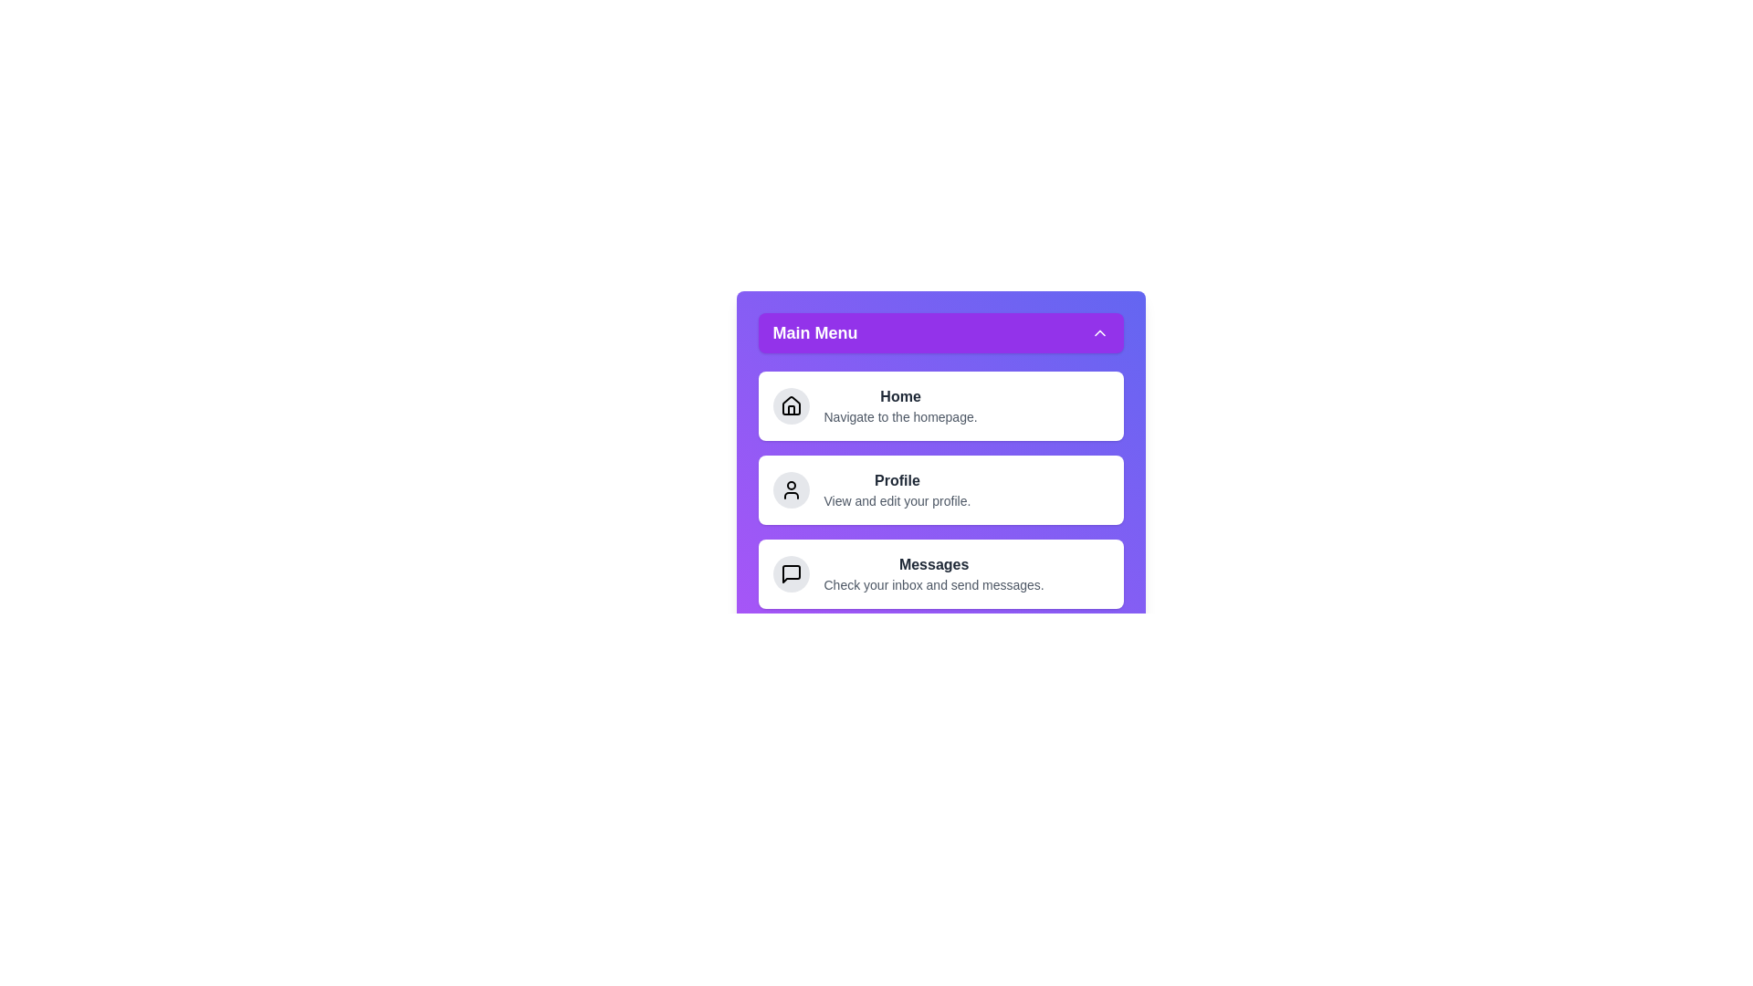  I want to click on the icon for Messages in the menu, so click(791, 572).